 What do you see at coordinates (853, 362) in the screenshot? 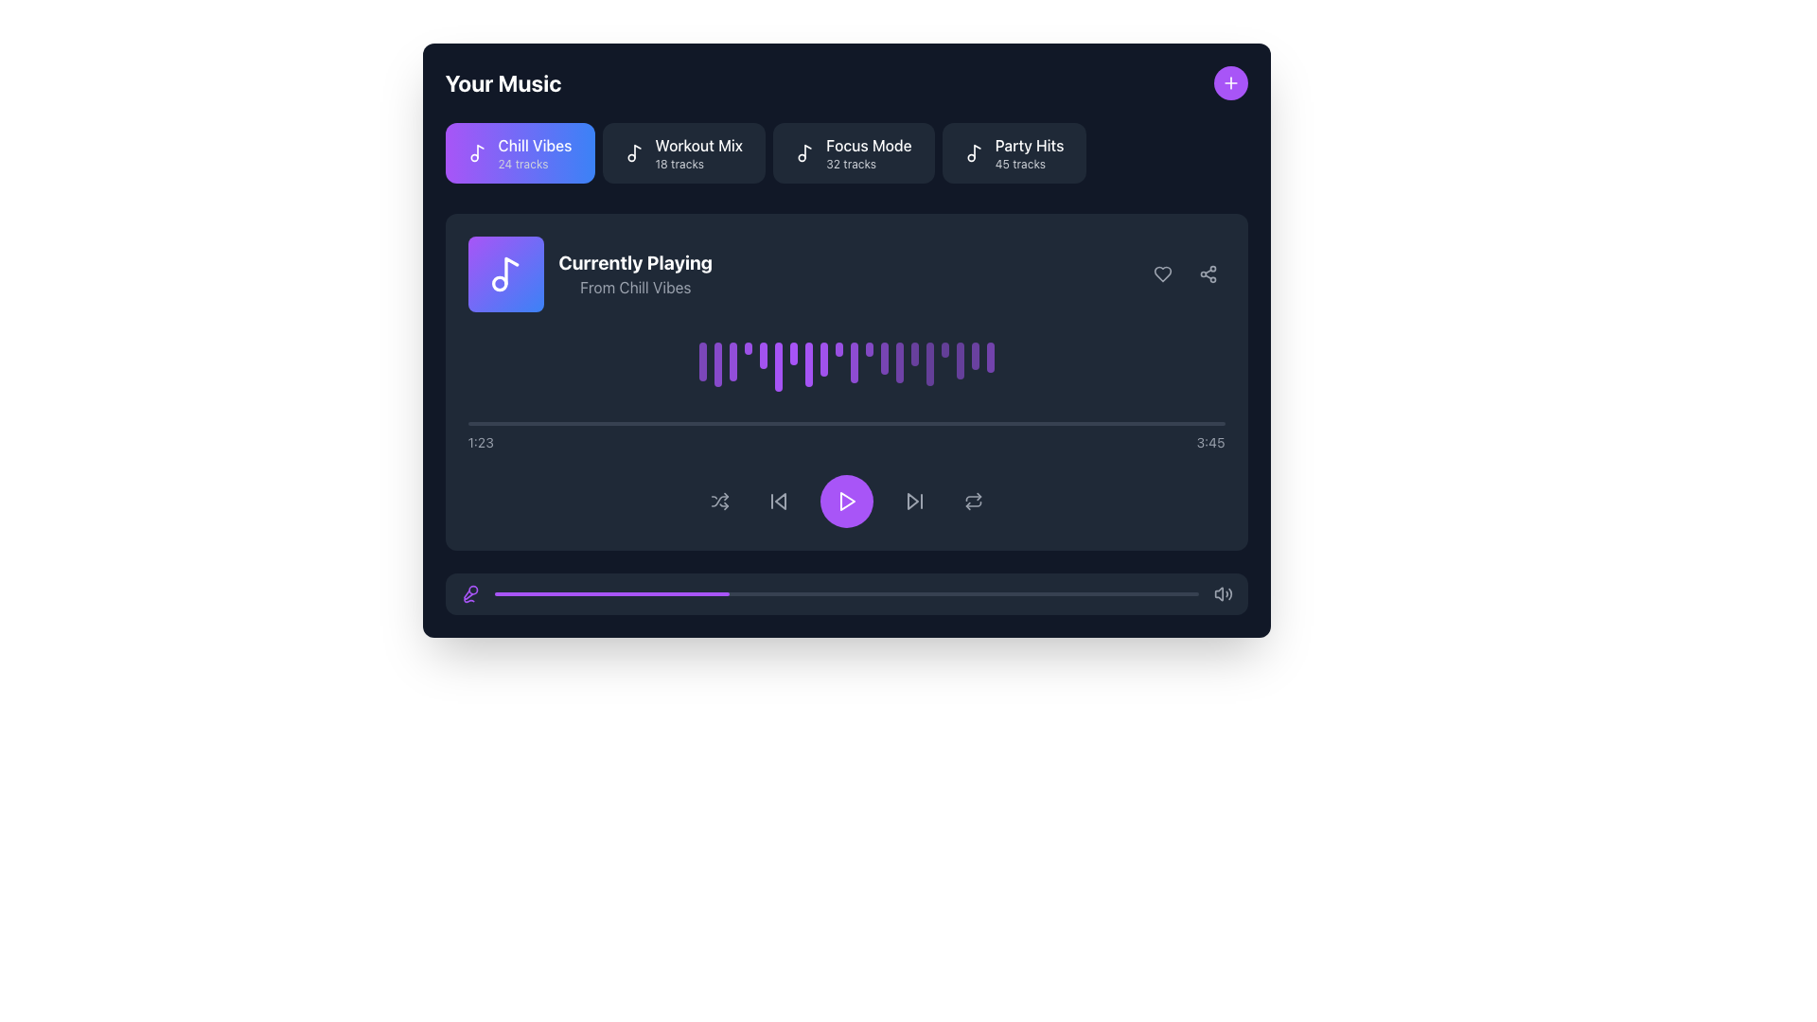
I see `the 11th decorative bar (visualizer bar) in the music visualizer interface, which represents audio dynamics or beats` at bounding box center [853, 362].